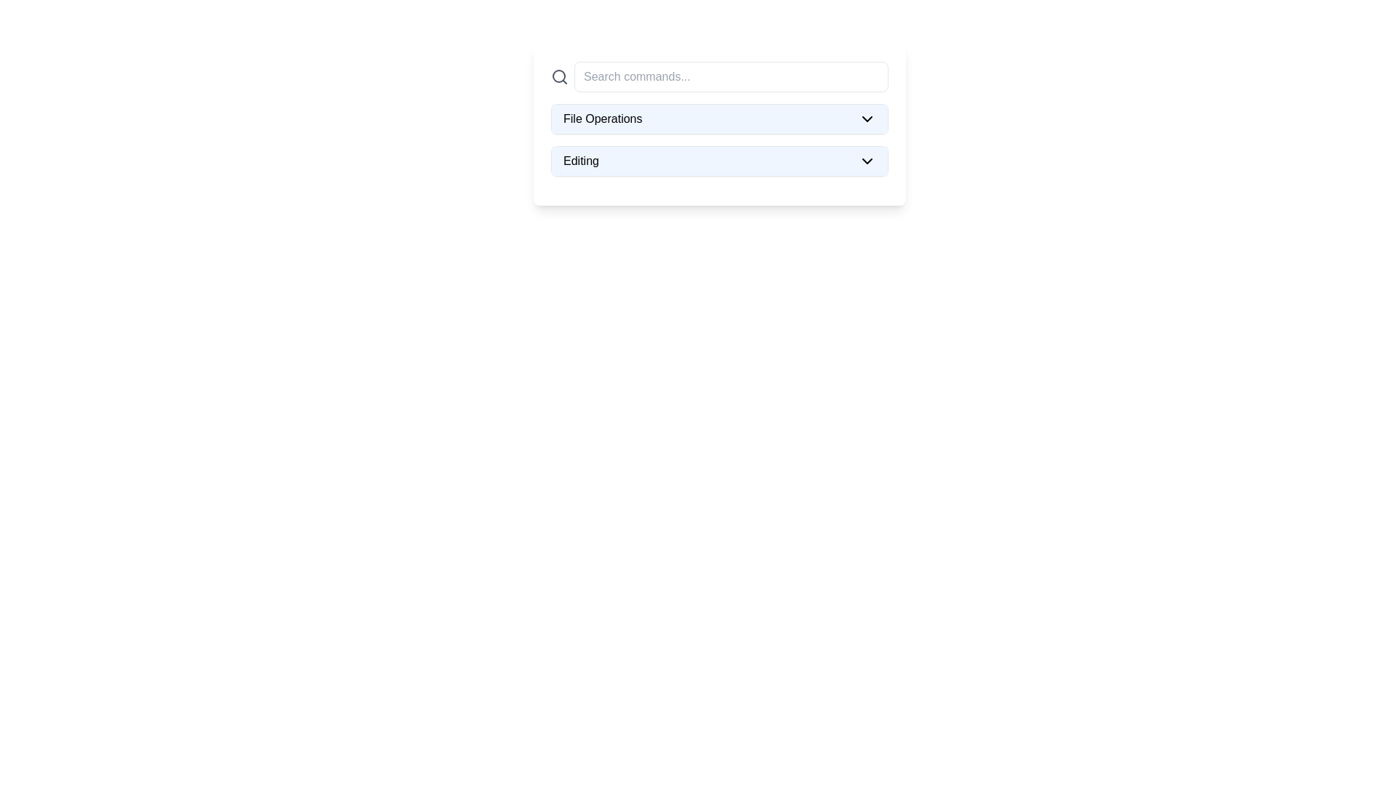 The width and height of the screenshot is (1396, 785). Describe the element at coordinates (867, 118) in the screenshot. I see `the Dropdown indicator (SVG icon)` at that location.